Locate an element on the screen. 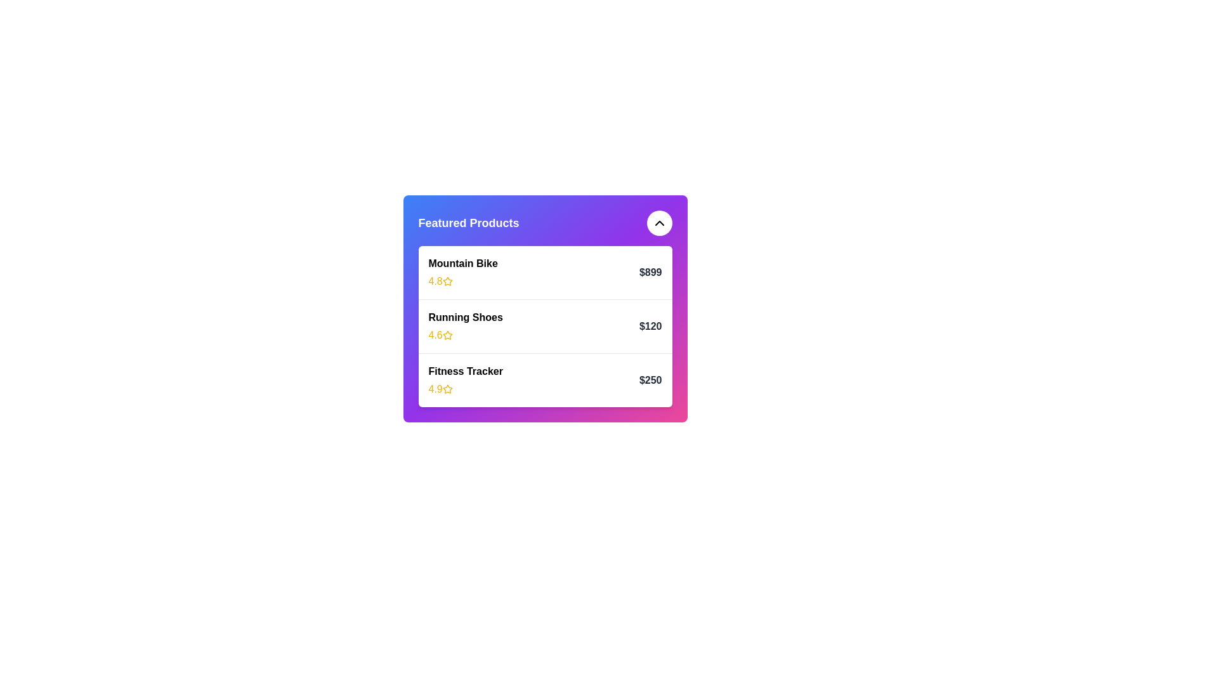  the second star icon representing the rating for the 'Running Shoes' product, which is located to the right of the rating text '4.6' is located at coordinates (447, 334).